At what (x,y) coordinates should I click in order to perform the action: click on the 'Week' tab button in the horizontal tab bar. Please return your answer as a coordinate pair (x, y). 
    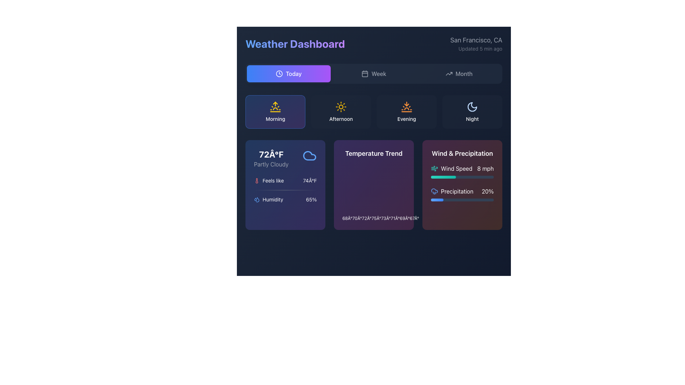
    Looking at the image, I should click on (373, 74).